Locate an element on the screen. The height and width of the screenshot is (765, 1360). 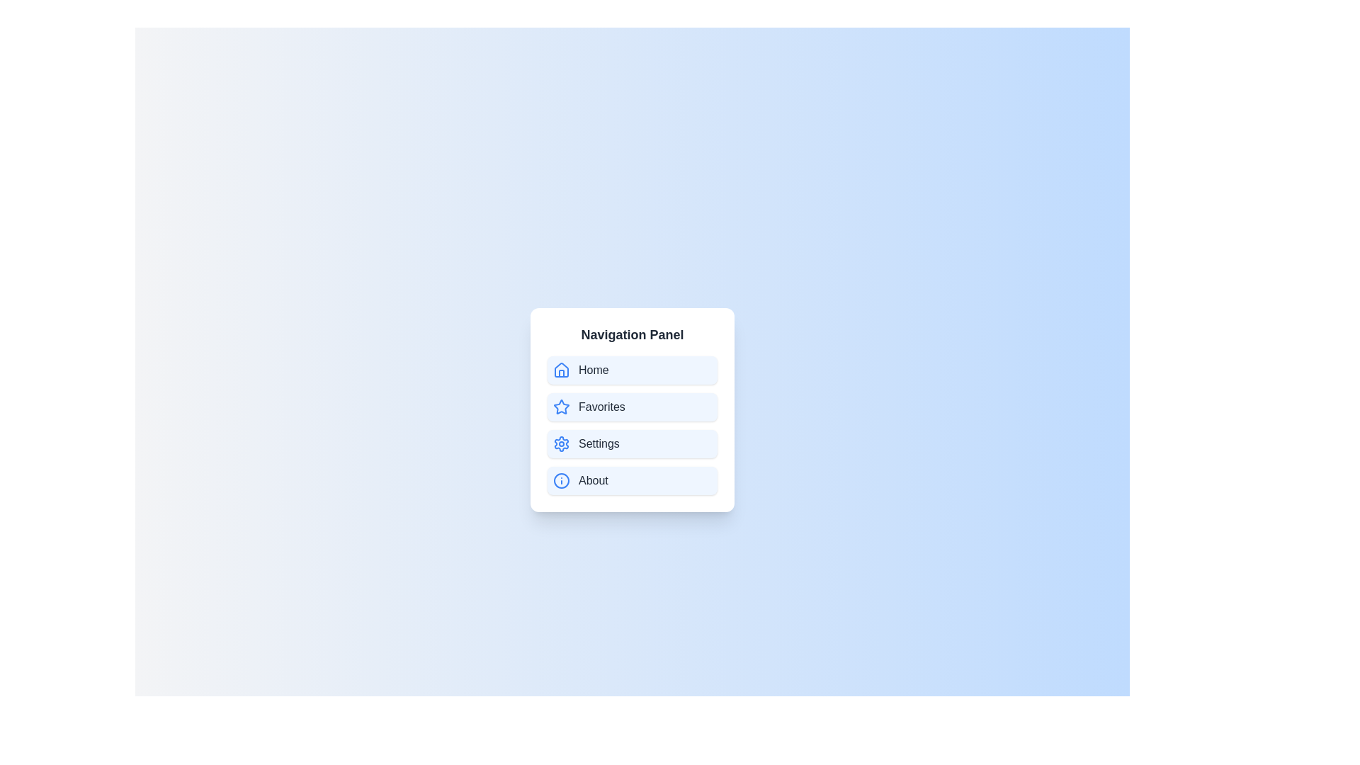
the button located in the navigation panel, which is the third button from the top and is intended for navigating to the 'Settings' section of the application is located at coordinates (631, 443).